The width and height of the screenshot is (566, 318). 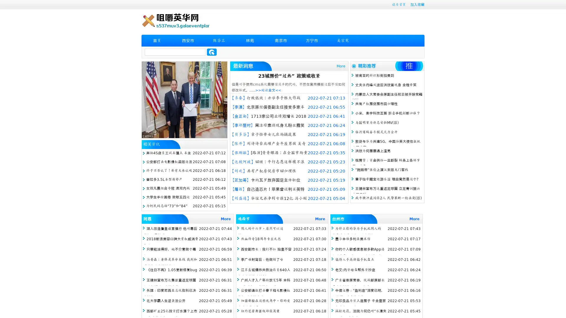 What do you see at coordinates (212, 52) in the screenshot?
I see `Search` at bounding box center [212, 52].